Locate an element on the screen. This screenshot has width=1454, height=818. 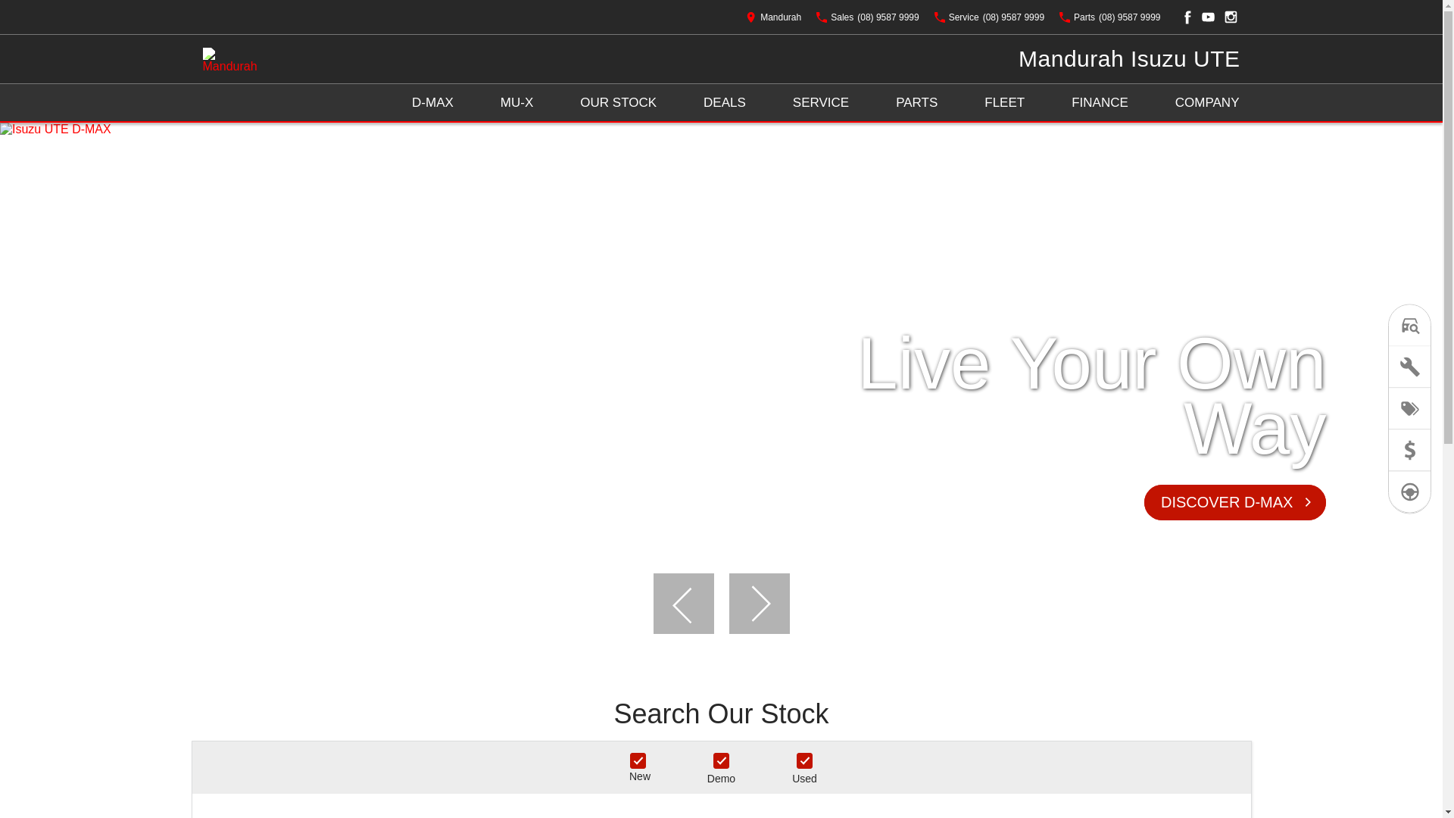
'Mandurah Isuzu UTE' is located at coordinates (1129, 58).